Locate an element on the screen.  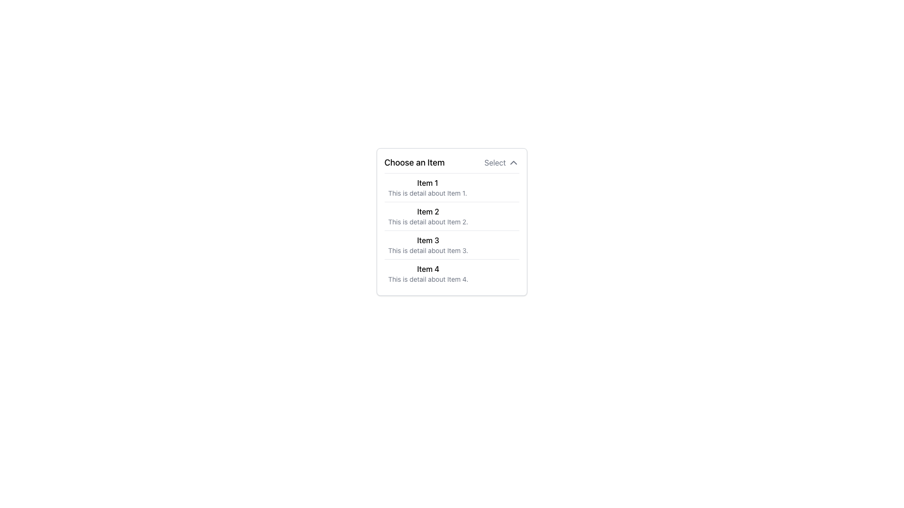
the second list item titled 'Item 2', which contains a descriptive text below it is located at coordinates (428, 216).